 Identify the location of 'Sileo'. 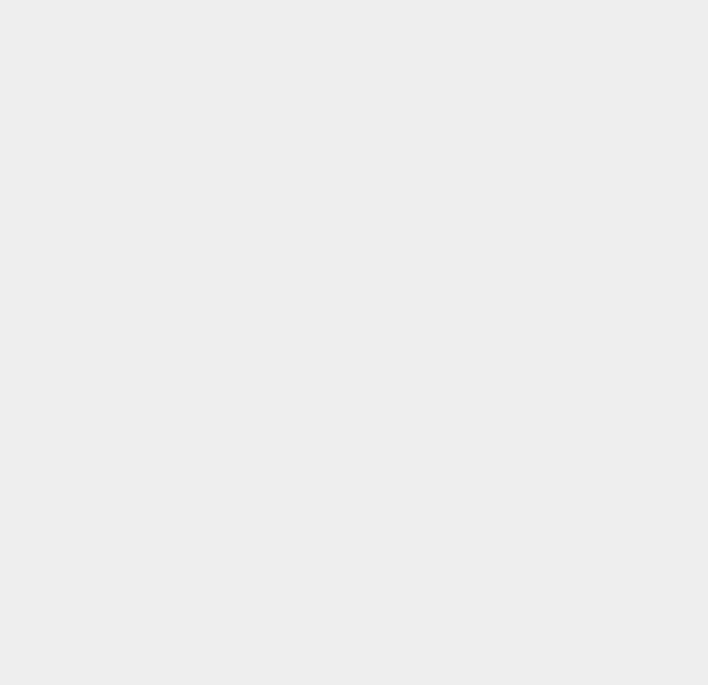
(501, 639).